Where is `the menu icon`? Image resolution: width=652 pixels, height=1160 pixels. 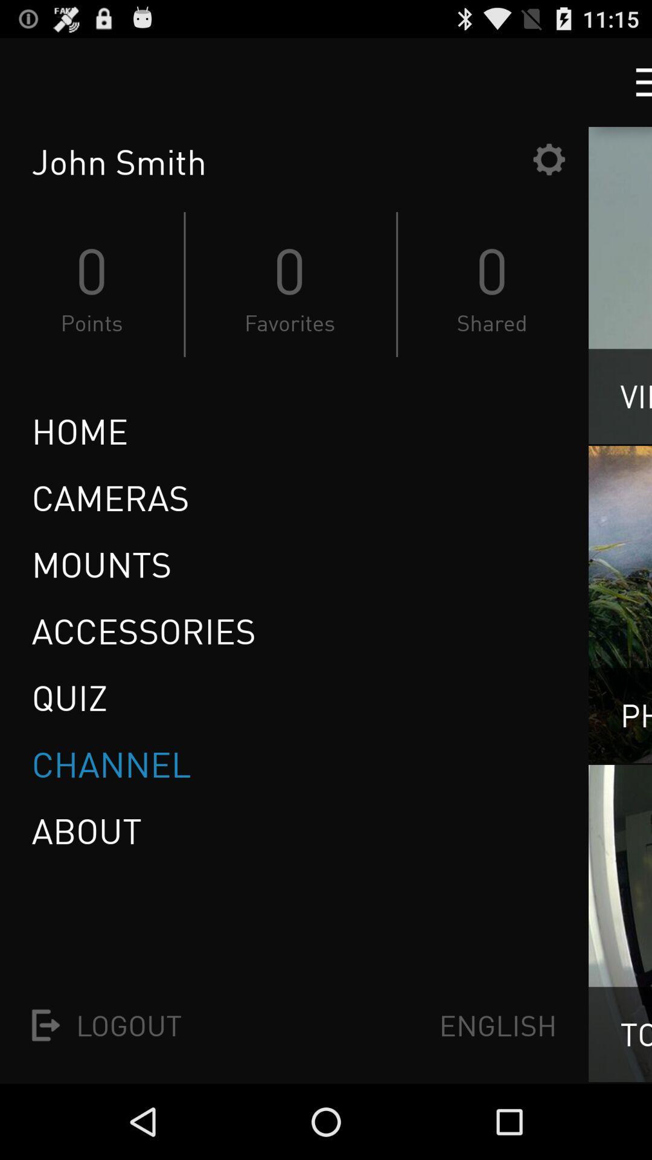 the menu icon is located at coordinates (632, 87).